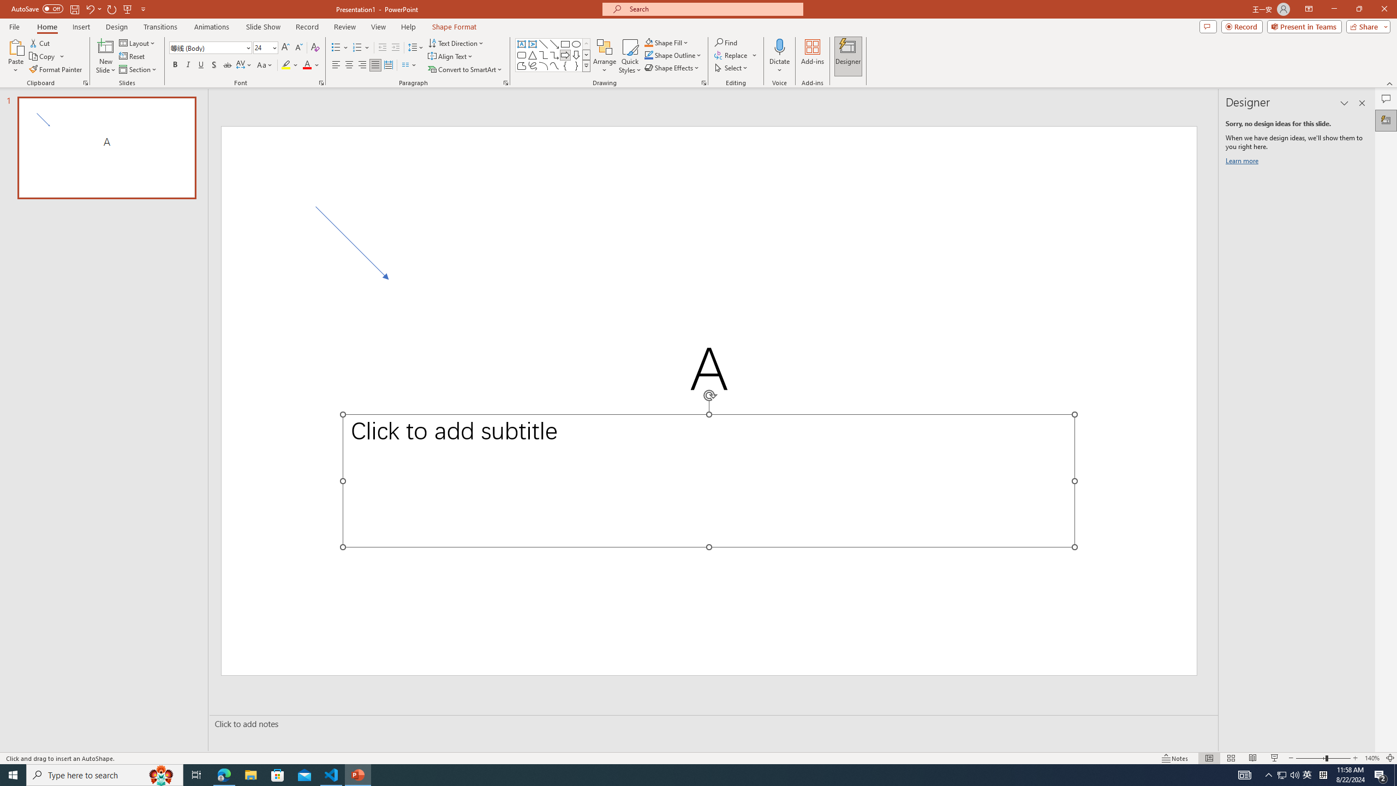  What do you see at coordinates (672, 54) in the screenshot?
I see `'Shape Outline'` at bounding box center [672, 54].